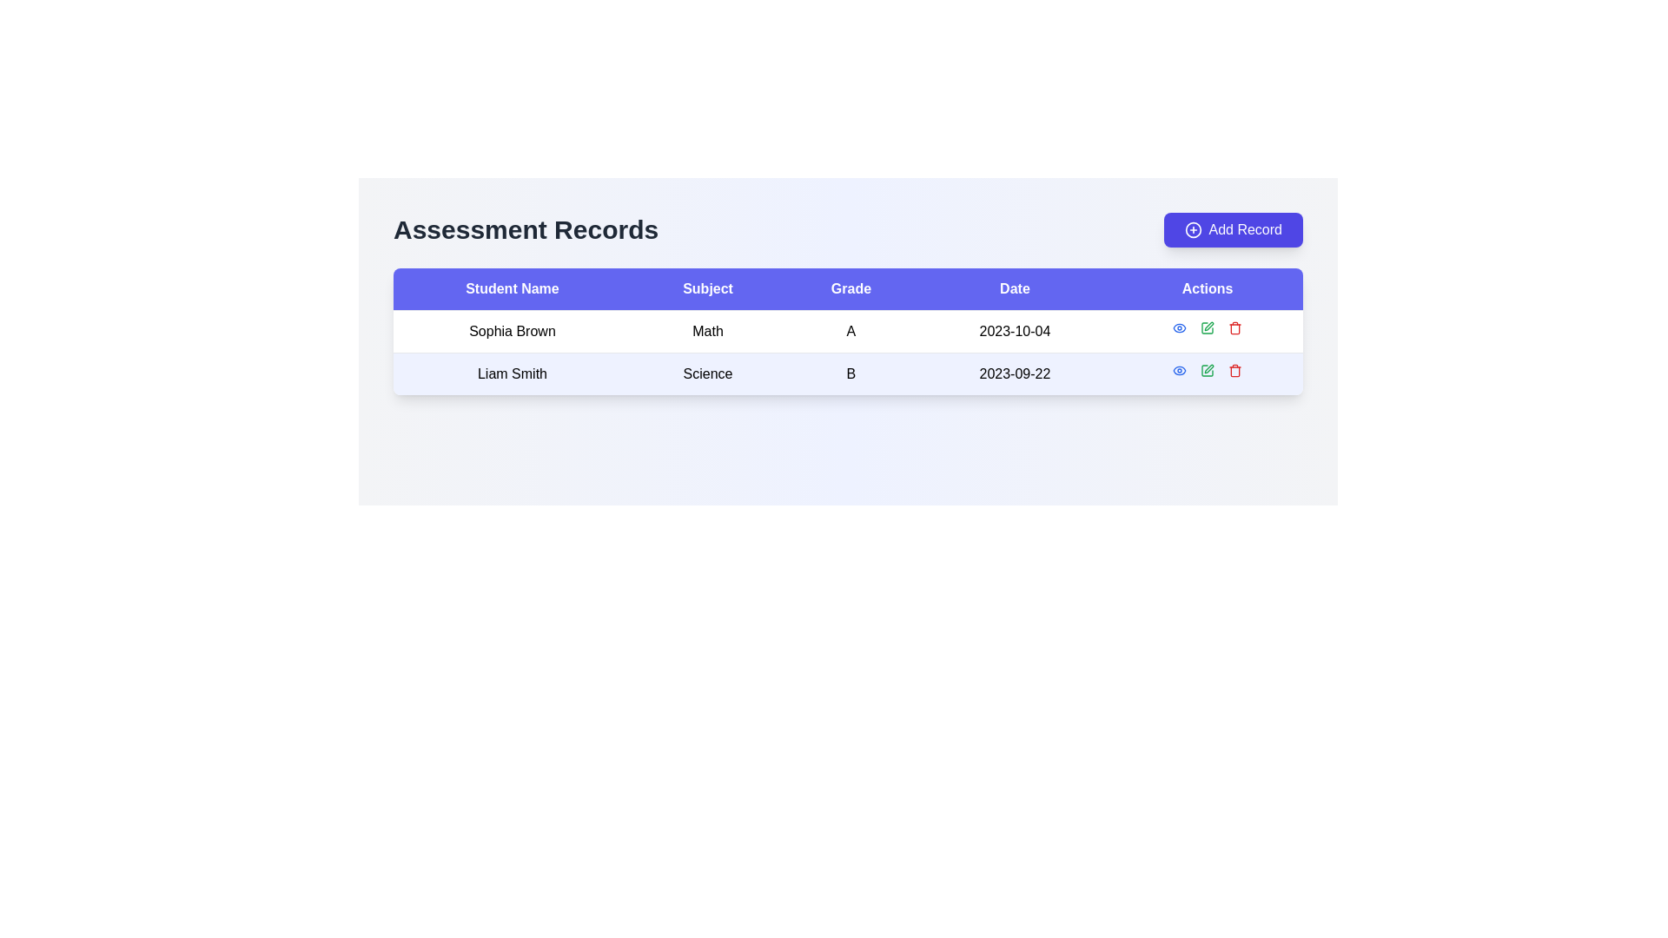  What do you see at coordinates (1207, 328) in the screenshot?
I see `the edit icon represented by a square outline and a pen in the 'Actions' column of the table, specifically in the second row next to 'Liam Smith'` at bounding box center [1207, 328].